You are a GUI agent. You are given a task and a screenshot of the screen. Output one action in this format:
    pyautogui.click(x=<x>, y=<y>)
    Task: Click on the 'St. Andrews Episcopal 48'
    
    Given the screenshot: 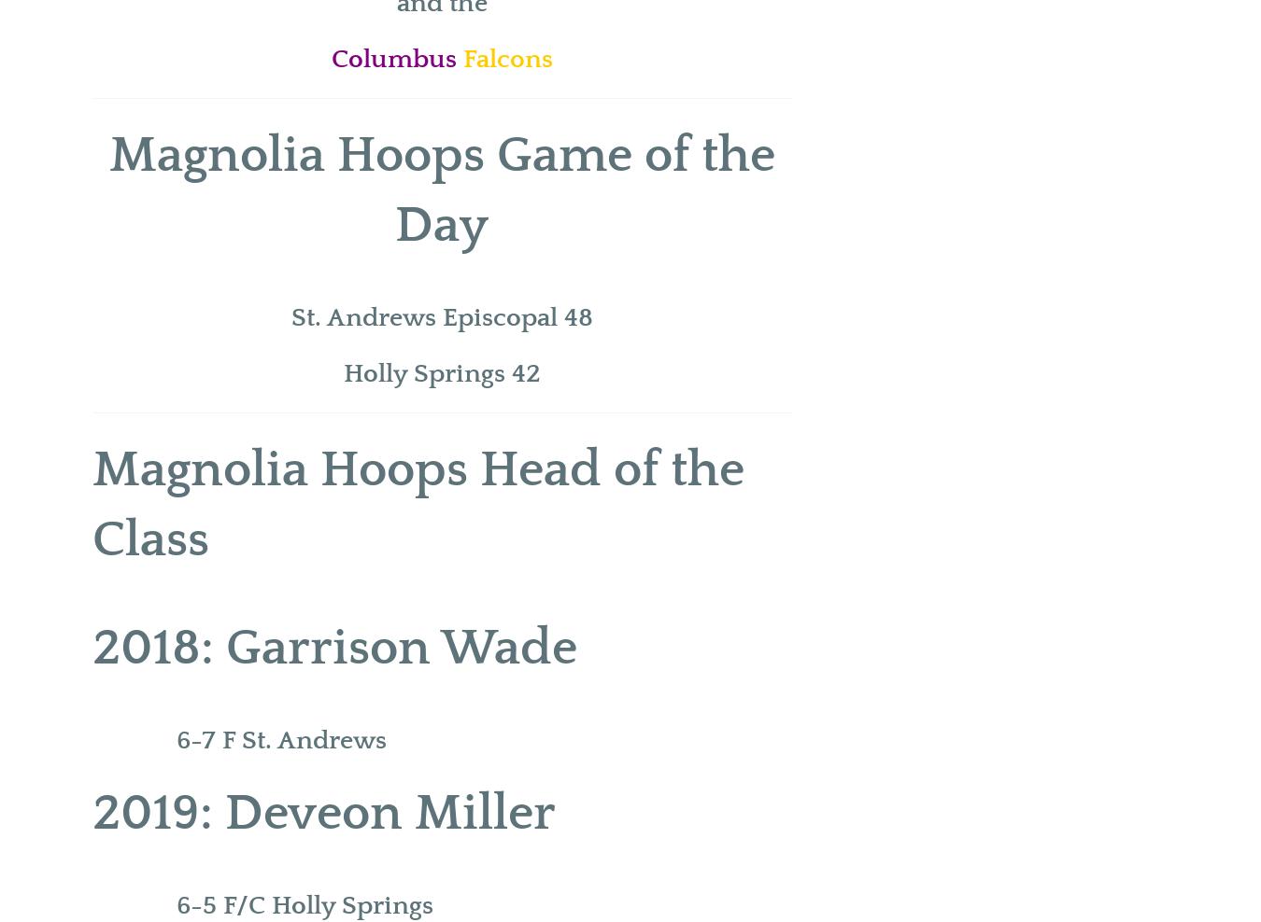 What is the action you would take?
    pyautogui.click(x=440, y=317)
    